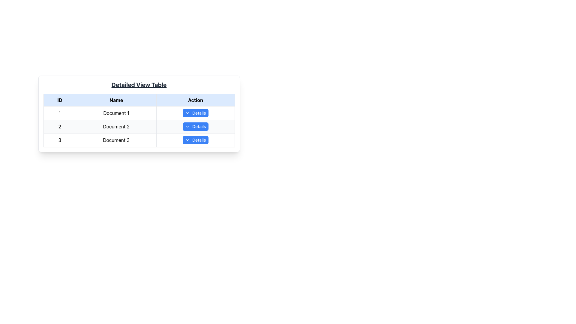 This screenshot has height=324, width=576. I want to click on the 'Details' button with a blue background and white text located in the 'Action' column of the first row in the 'Detailed View Table', so click(195, 113).